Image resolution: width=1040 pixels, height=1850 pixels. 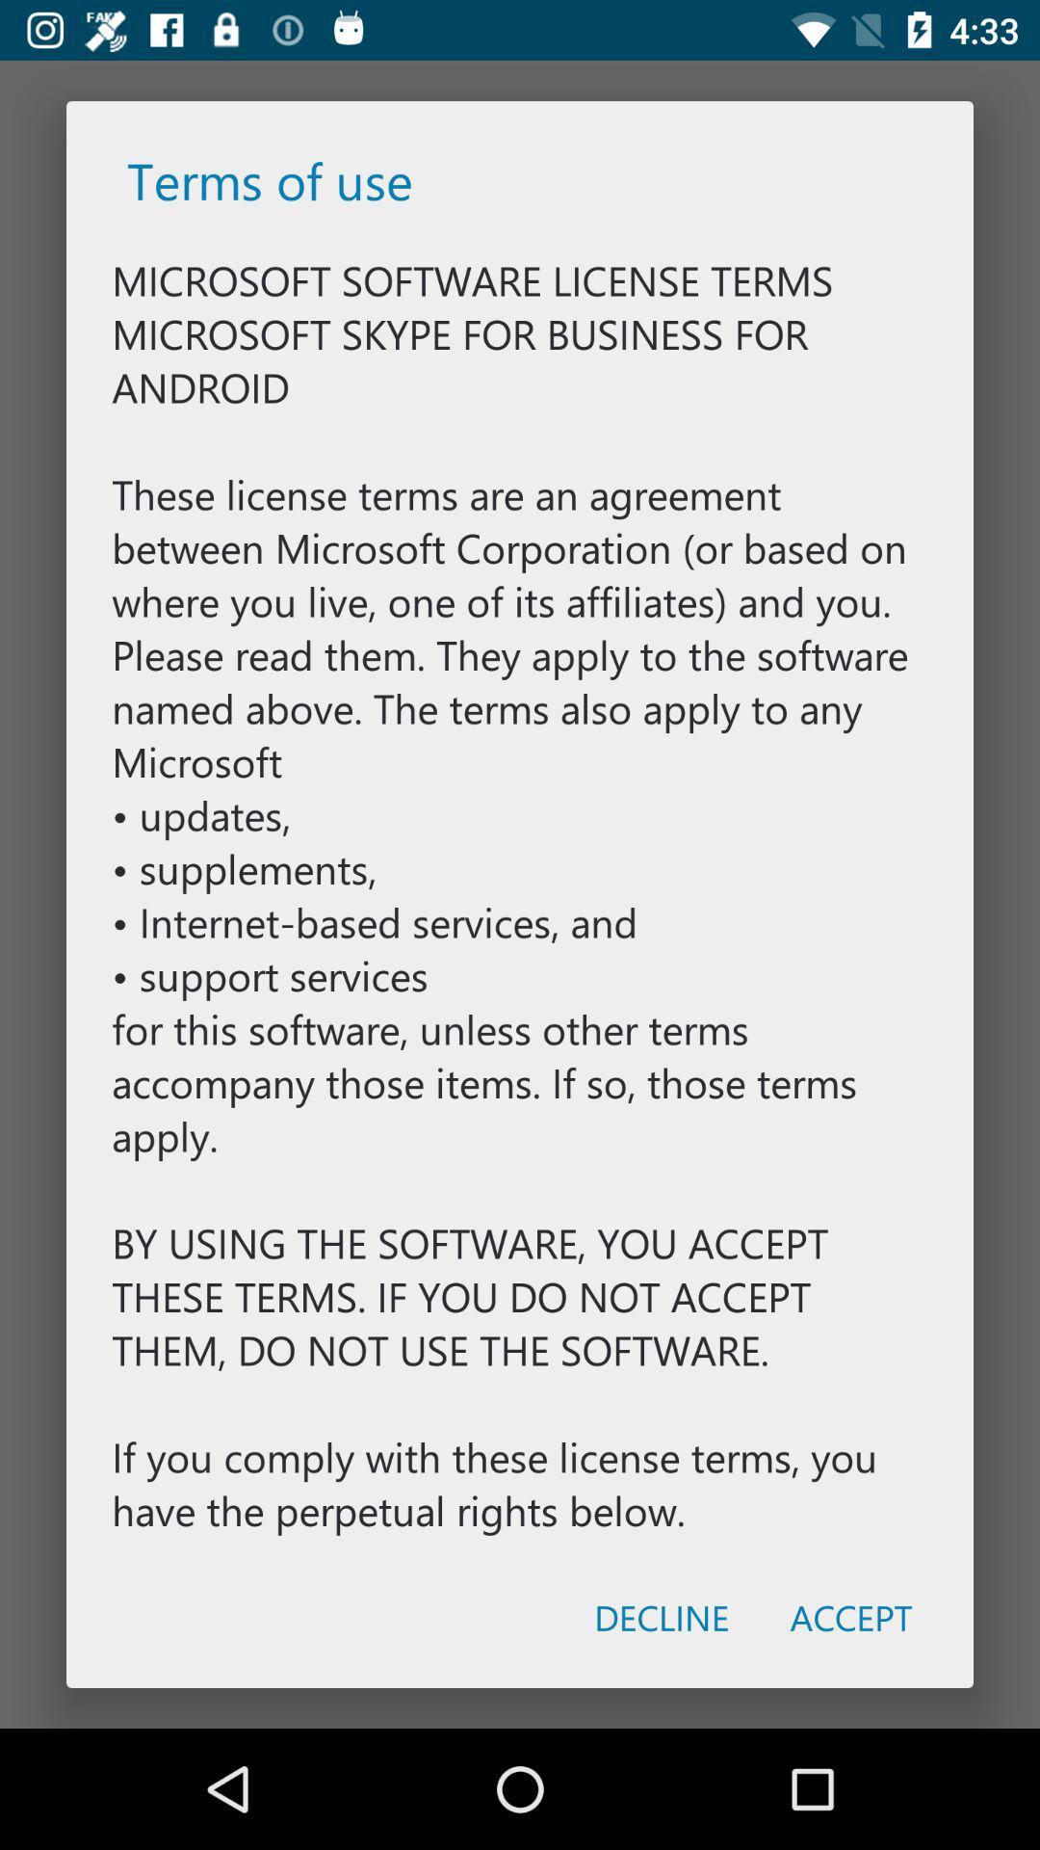 I want to click on the icon next to accept, so click(x=661, y=1617).